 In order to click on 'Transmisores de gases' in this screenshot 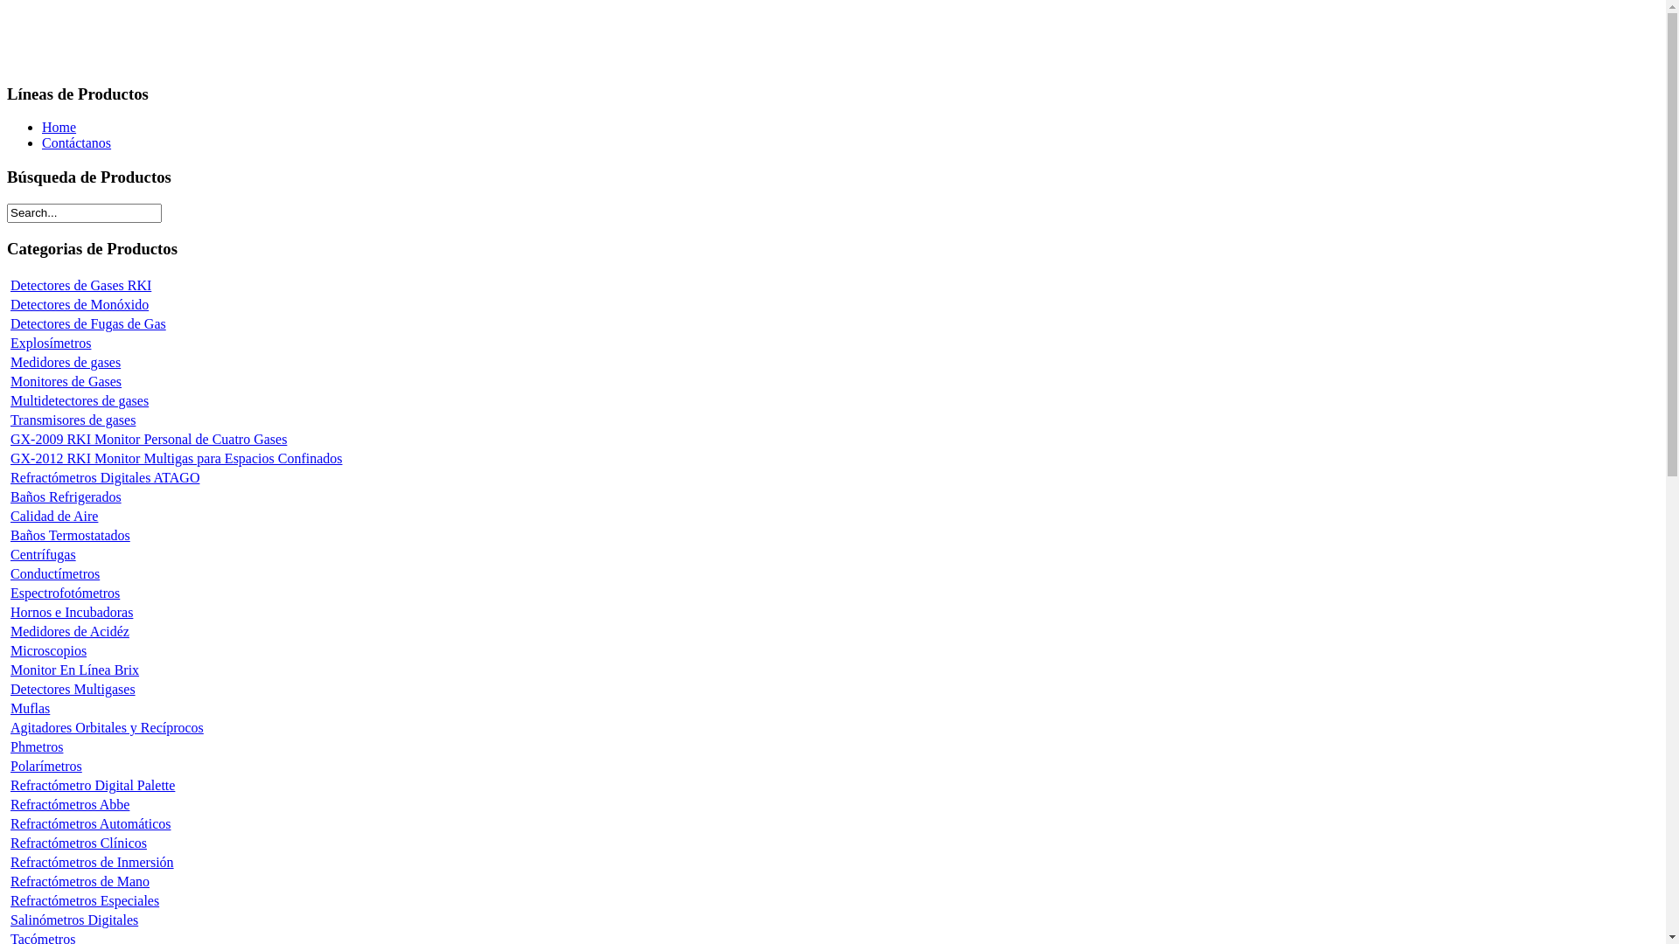, I will do `click(10, 420)`.